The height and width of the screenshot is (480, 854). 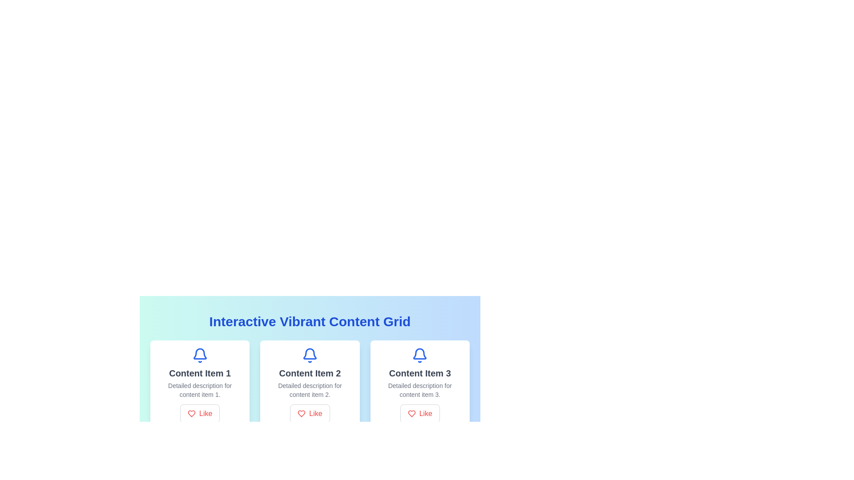 I want to click on the Text label that provides additional information about 'Content Item 3', located below the section title and above the 'Like' button, so click(x=419, y=390).